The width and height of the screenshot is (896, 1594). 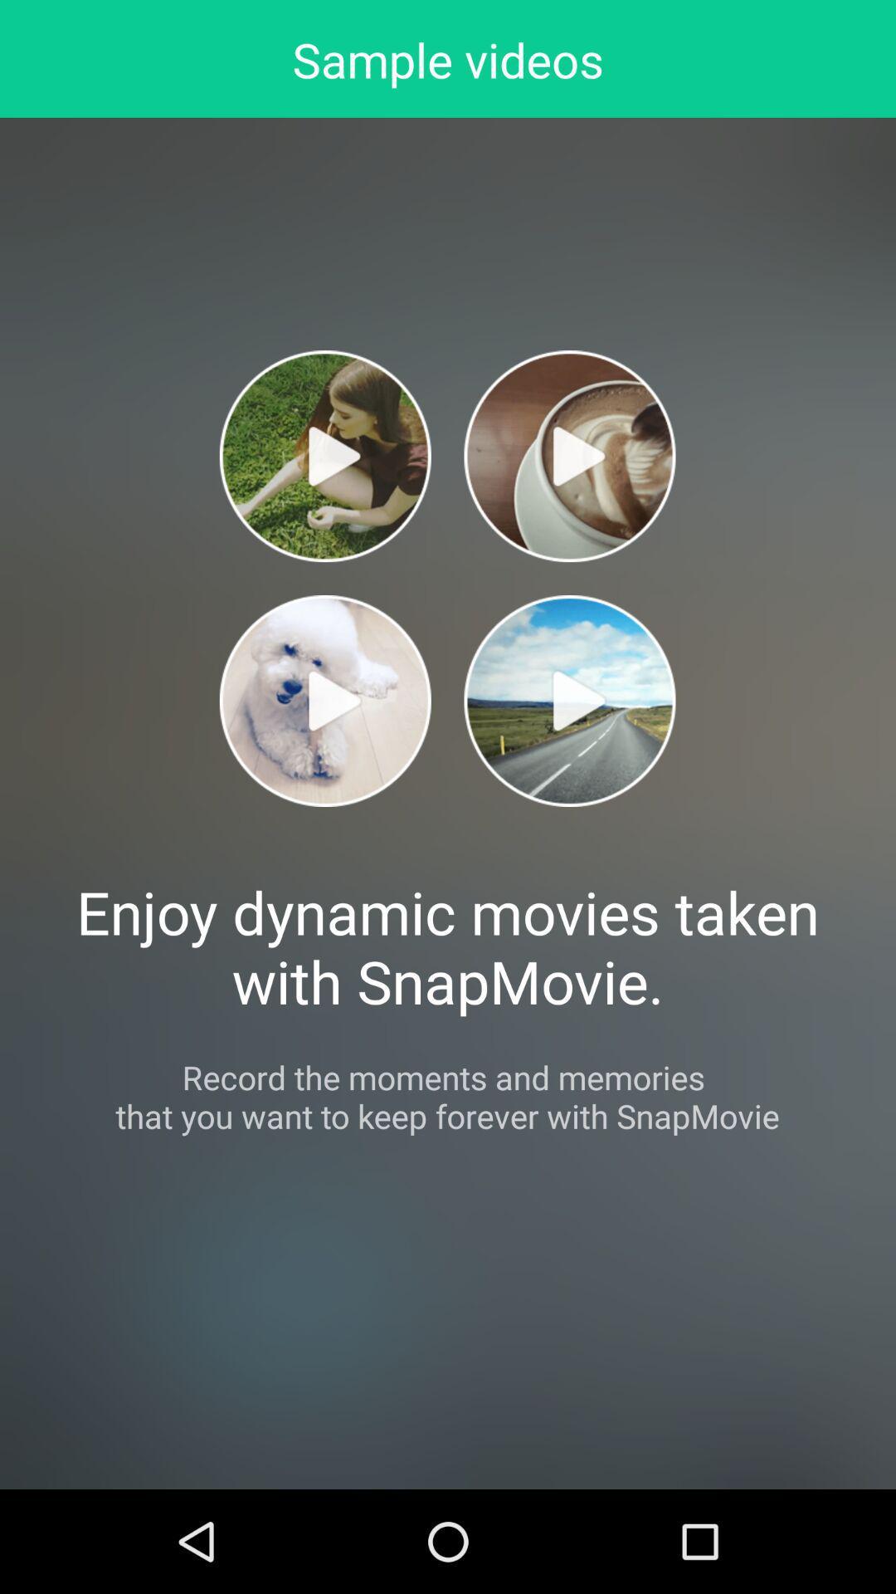 I want to click on top left video, so click(x=325, y=456).